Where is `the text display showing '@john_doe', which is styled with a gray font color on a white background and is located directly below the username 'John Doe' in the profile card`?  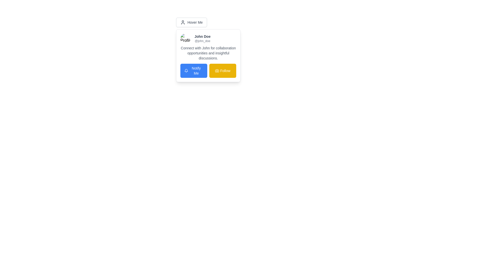 the text display showing '@john_doe', which is styled with a gray font color on a white background and is located directly below the username 'John Doe' in the profile card is located at coordinates (203, 41).